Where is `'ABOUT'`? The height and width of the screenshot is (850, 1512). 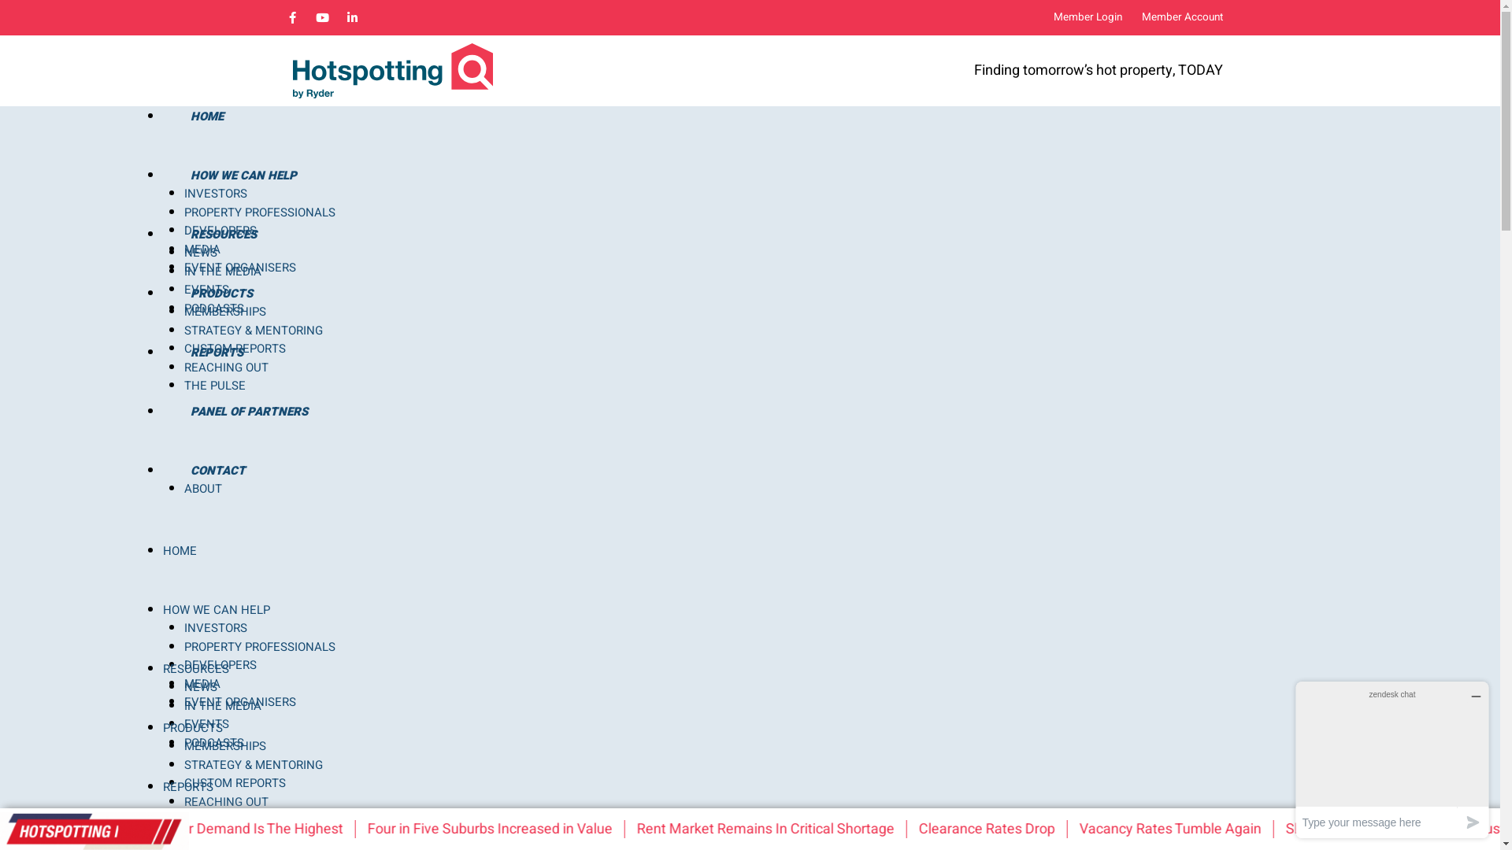
'ABOUT' is located at coordinates (202, 488).